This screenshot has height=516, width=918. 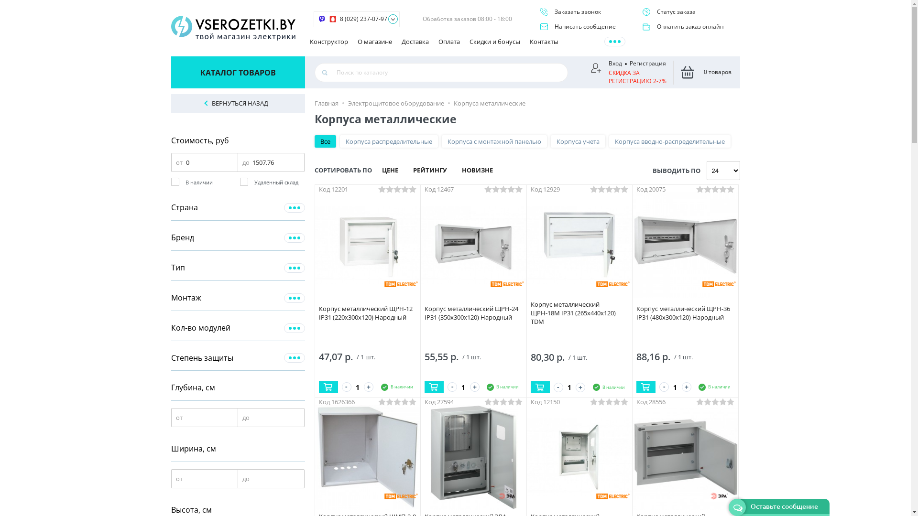 I want to click on '-', so click(x=558, y=387).